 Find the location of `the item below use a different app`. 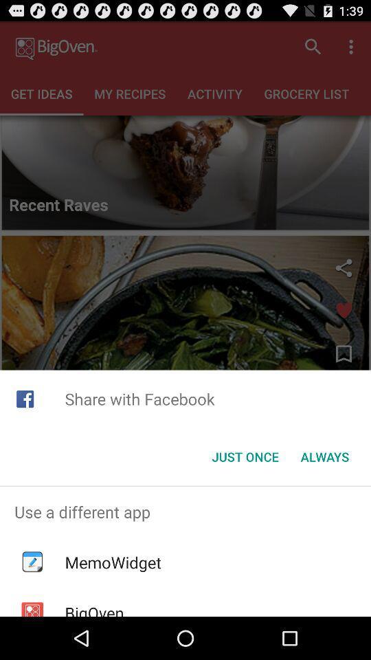

the item below use a different app is located at coordinates (112, 562).